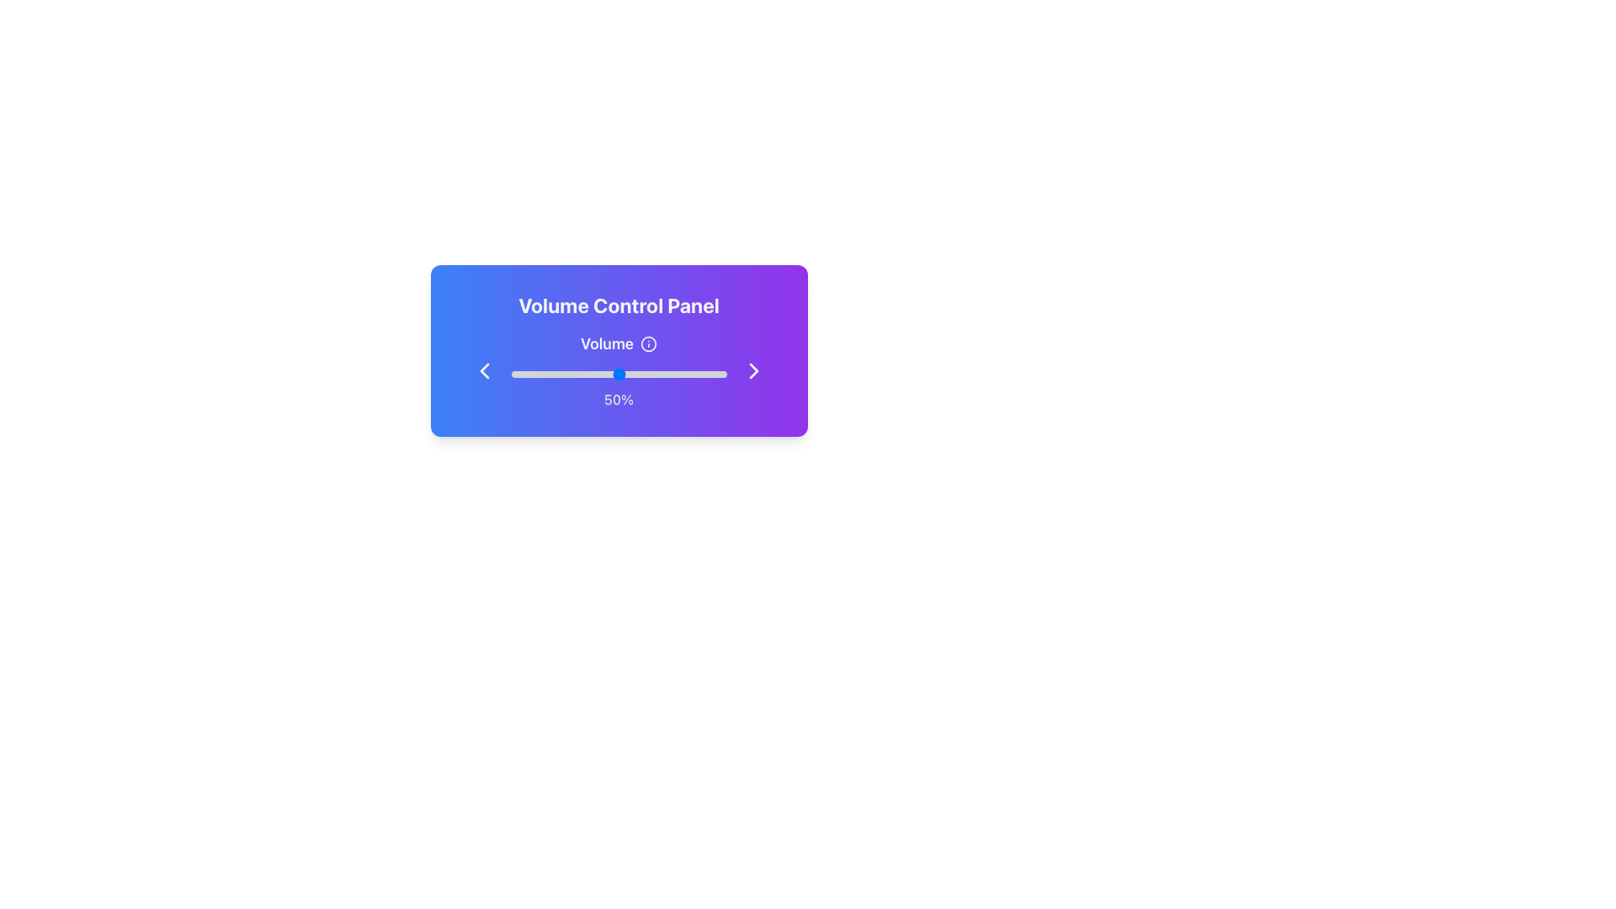  I want to click on the slider, so click(545, 373).